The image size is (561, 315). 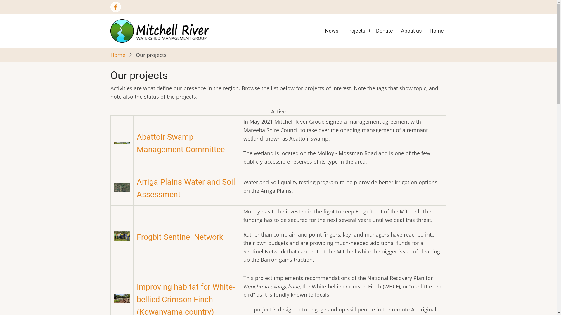 I want to click on 'Abattoir Swamp Management Committee', so click(x=180, y=143).